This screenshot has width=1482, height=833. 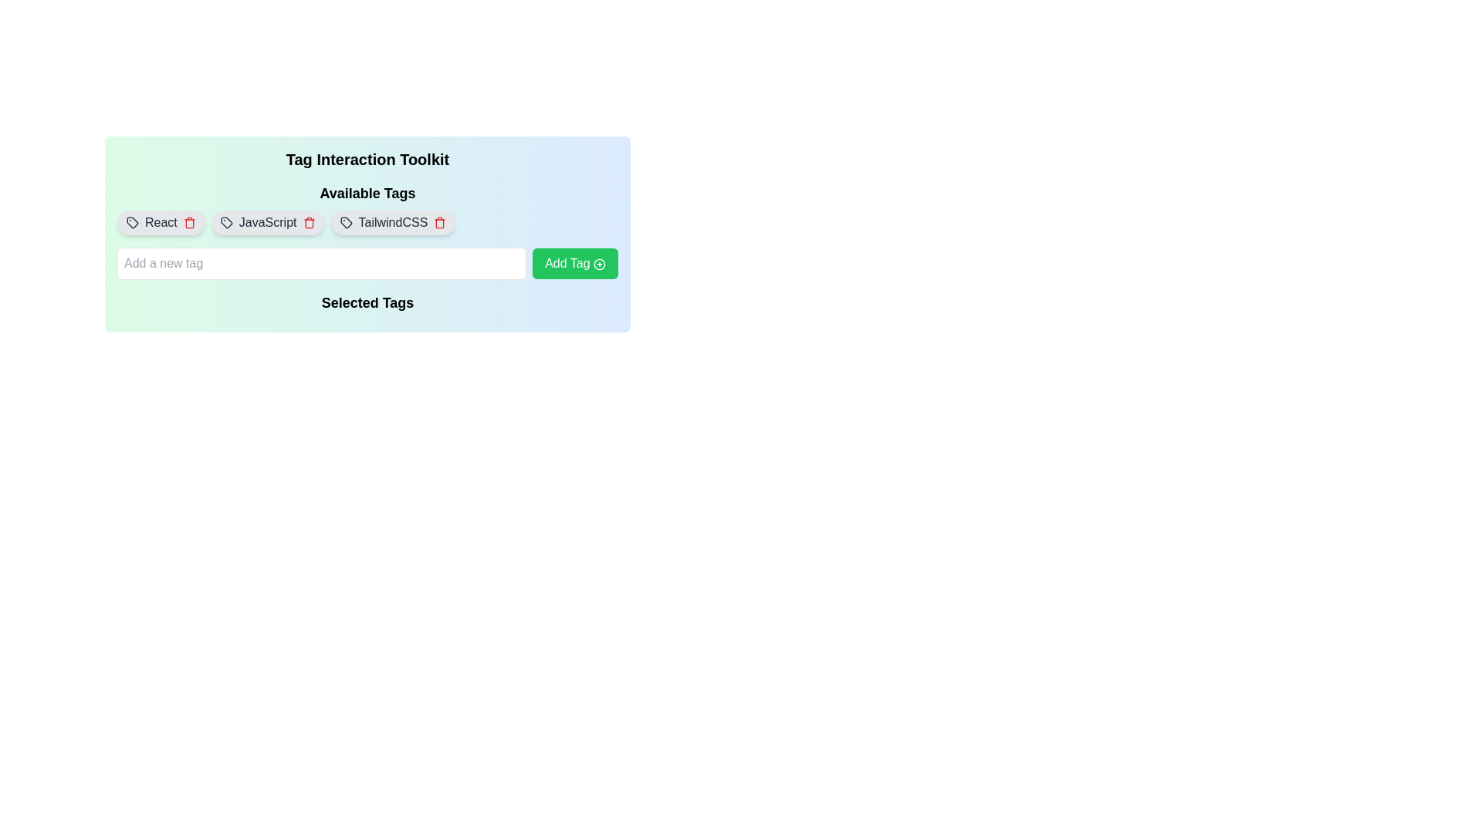 What do you see at coordinates (133, 223) in the screenshot?
I see `the small, tag-shaped icon with a circular dot, located at the top left of the 'React' text in the 'Available Tags' section` at bounding box center [133, 223].